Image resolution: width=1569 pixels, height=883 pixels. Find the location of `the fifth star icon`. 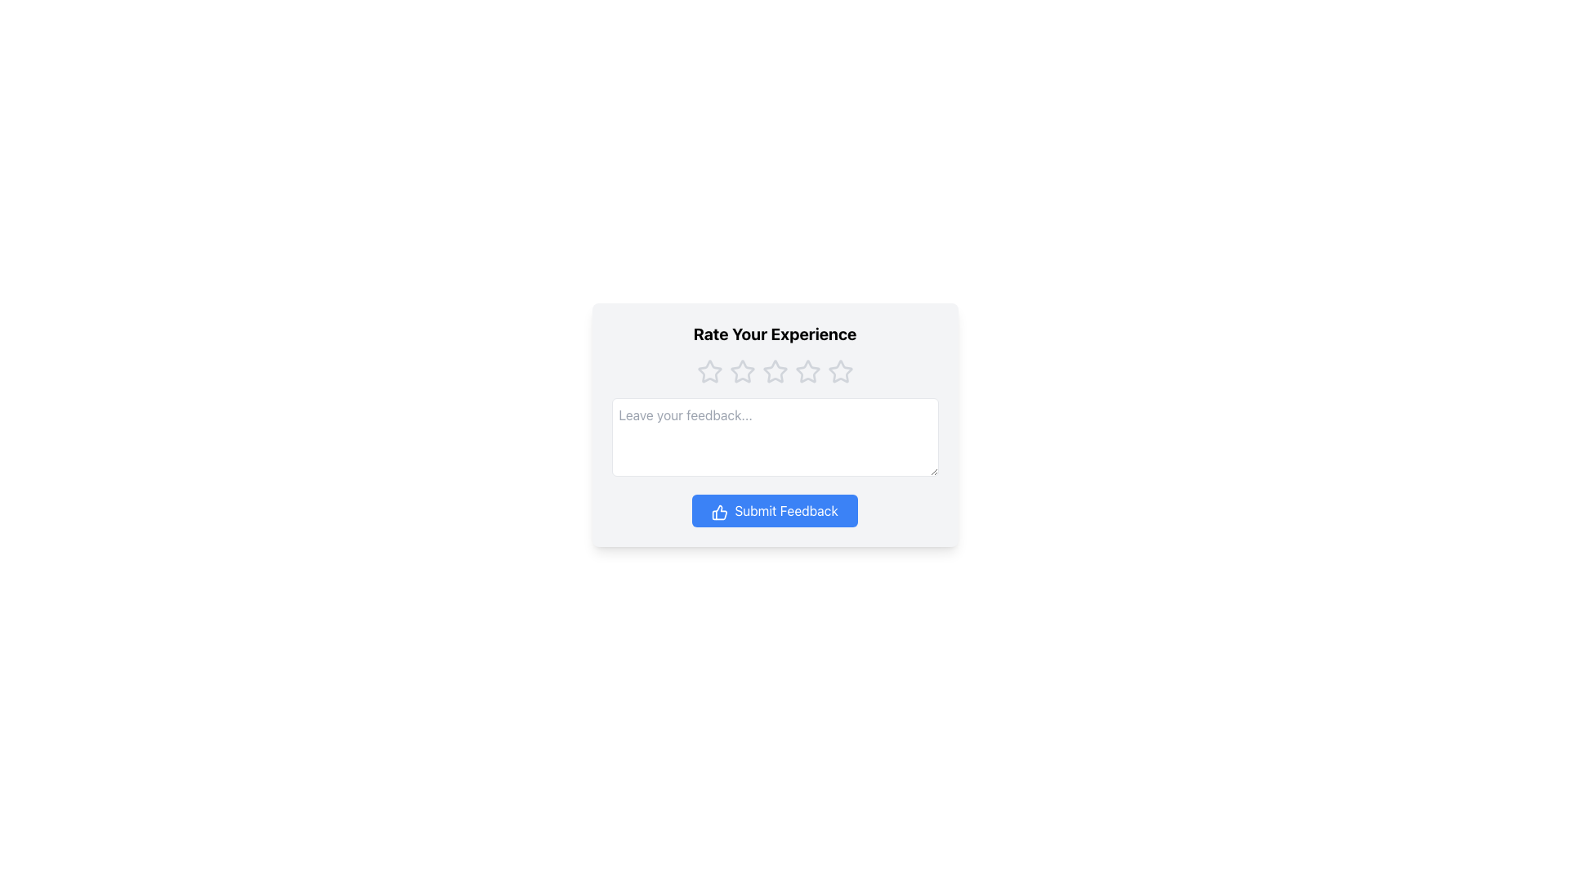

the fifth star icon is located at coordinates (840, 371).